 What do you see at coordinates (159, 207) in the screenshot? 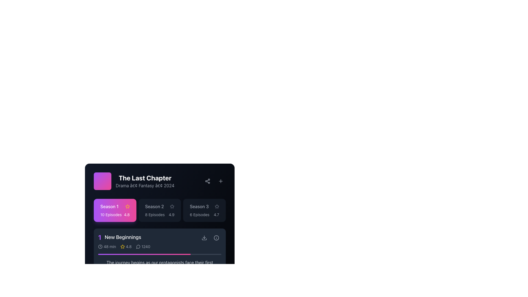
I see `the 'Season 2' text button with icon, which features a medium font weight text and a small star icon on a dark rectangular button with rounded corners` at bounding box center [159, 207].